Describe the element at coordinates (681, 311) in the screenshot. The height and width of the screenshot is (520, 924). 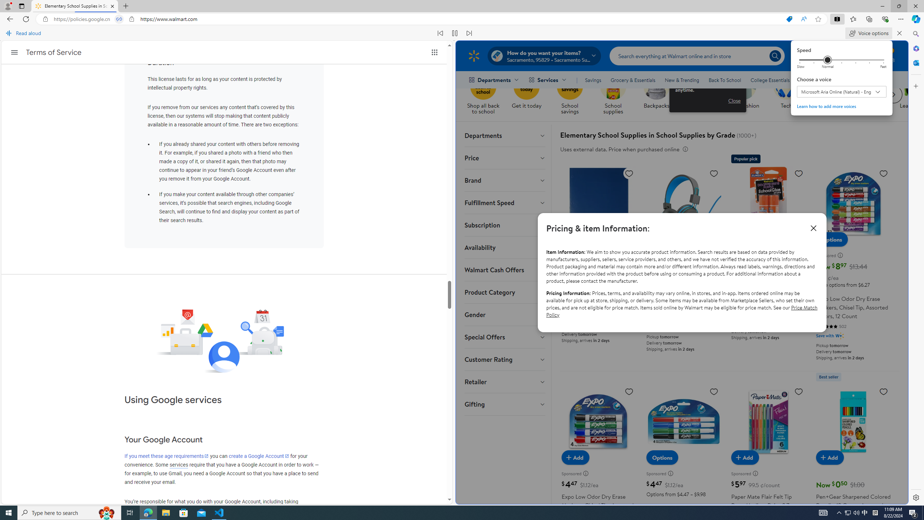
I see `'Price Match Policy'` at that location.